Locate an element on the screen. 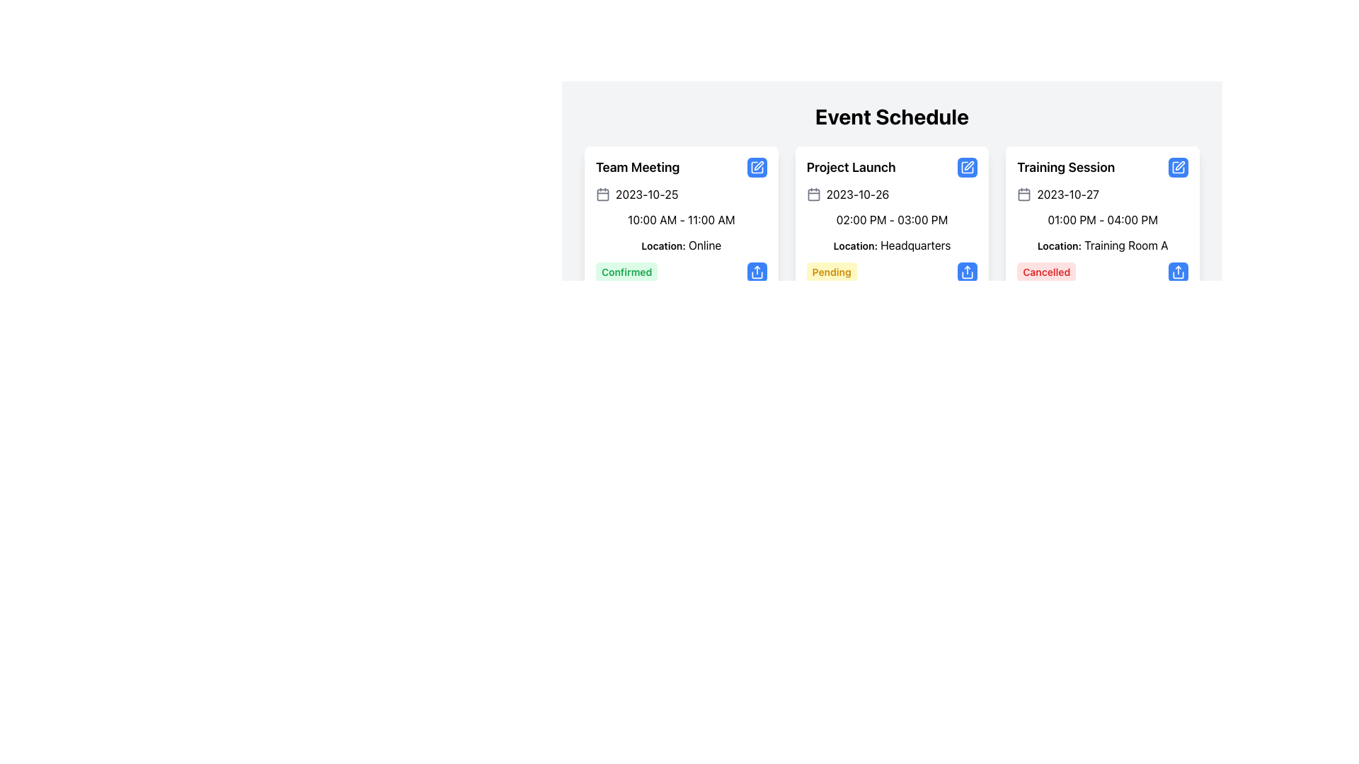 This screenshot has height=764, width=1359. the 'Pending' label located in the 'Project Launch' card within the 'Event Schedule' section, positioned below the location information and above a blue button is located at coordinates (832, 272).